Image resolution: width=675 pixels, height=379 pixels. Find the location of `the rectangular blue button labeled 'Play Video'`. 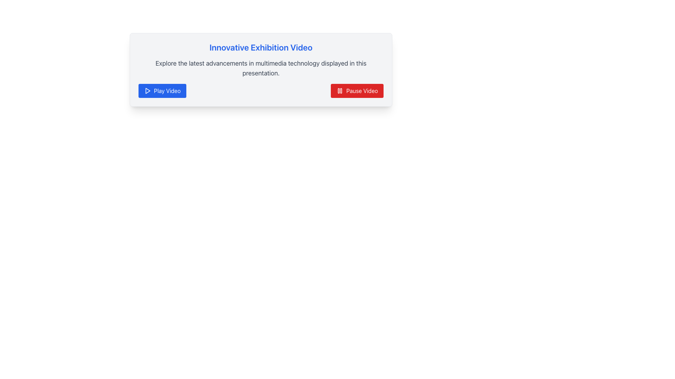

the rectangular blue button labeled 'Play Video' is located at coordinates (162, 90).